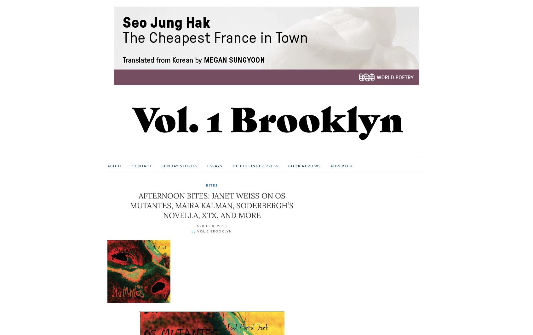  What do you see at coordinates (304, 165) in the screenshot?
I see `'Book Reviews'` at bounding box center [304, 165].